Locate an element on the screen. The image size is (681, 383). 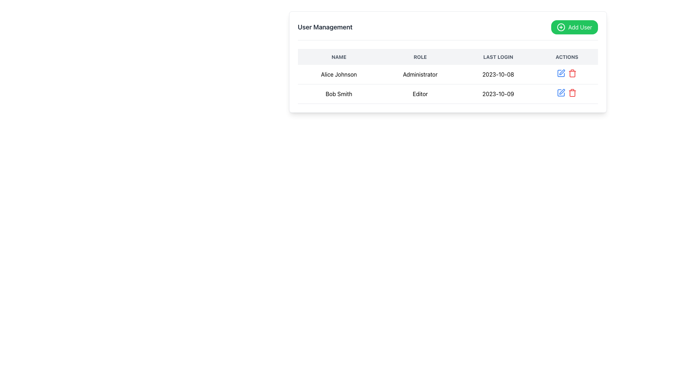
the circular icon with a plus sign, which is styled with a green outline and located to the left of the 'Add User' button in the user management panel is located at coordinates (561, 27).